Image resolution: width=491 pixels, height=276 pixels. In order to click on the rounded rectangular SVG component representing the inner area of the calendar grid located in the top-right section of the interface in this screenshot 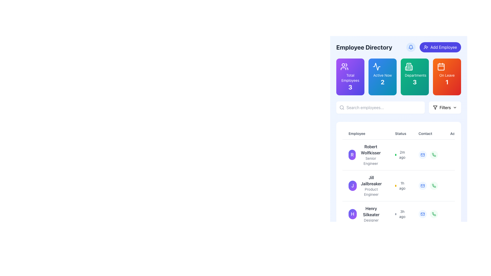, I will do `click(441, 67)`.